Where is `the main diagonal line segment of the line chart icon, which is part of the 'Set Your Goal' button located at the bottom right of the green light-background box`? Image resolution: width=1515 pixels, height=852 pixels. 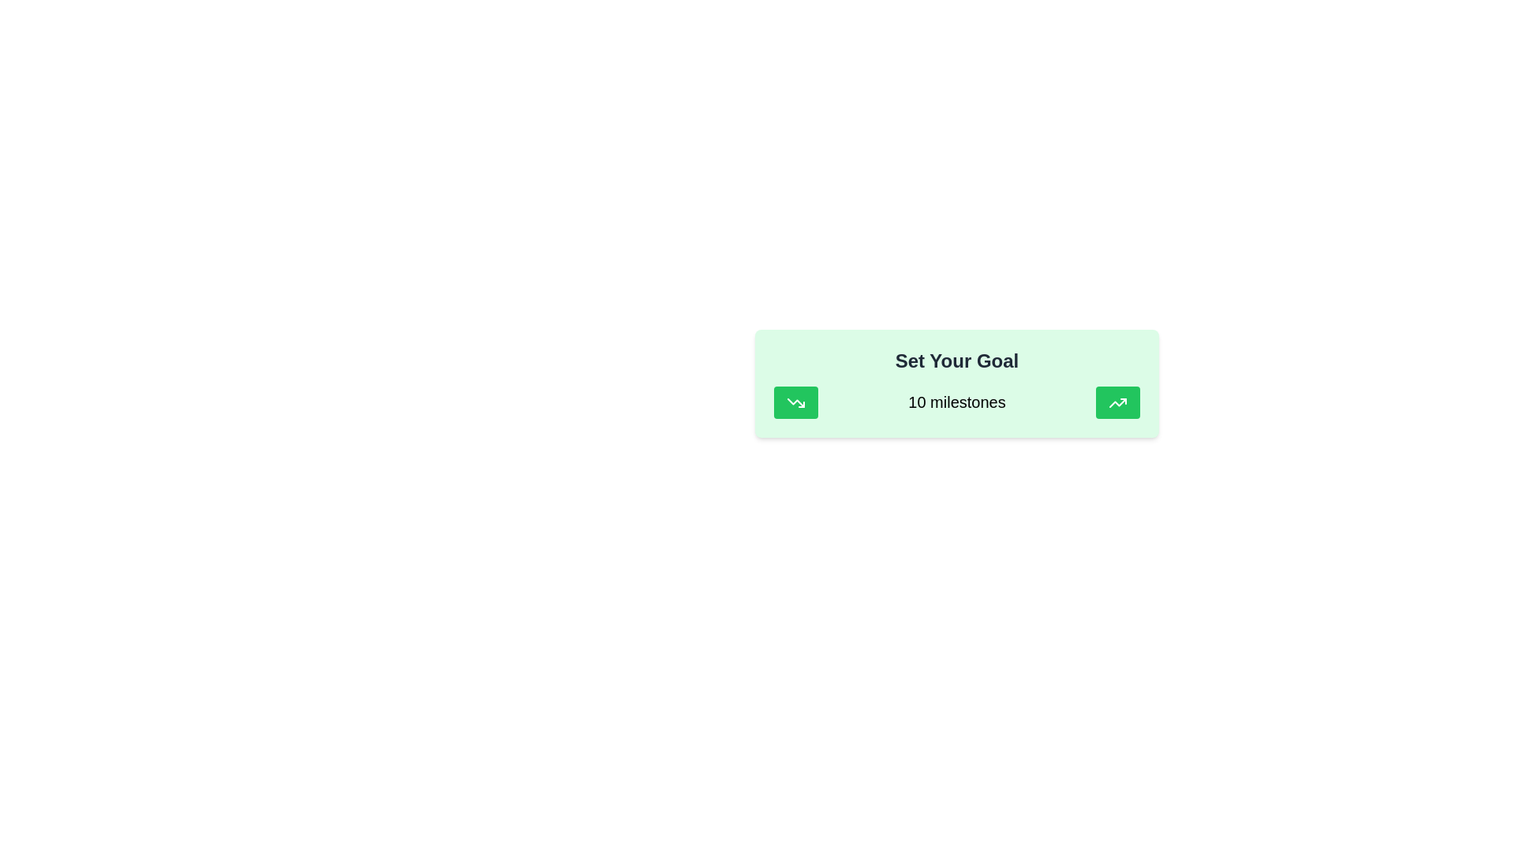
the main diagonal line segment of the line chart icon, which is part of the 'Set Your Goal' button located at the bottom right of the green light-background box is located at coordinates (1117, 401).